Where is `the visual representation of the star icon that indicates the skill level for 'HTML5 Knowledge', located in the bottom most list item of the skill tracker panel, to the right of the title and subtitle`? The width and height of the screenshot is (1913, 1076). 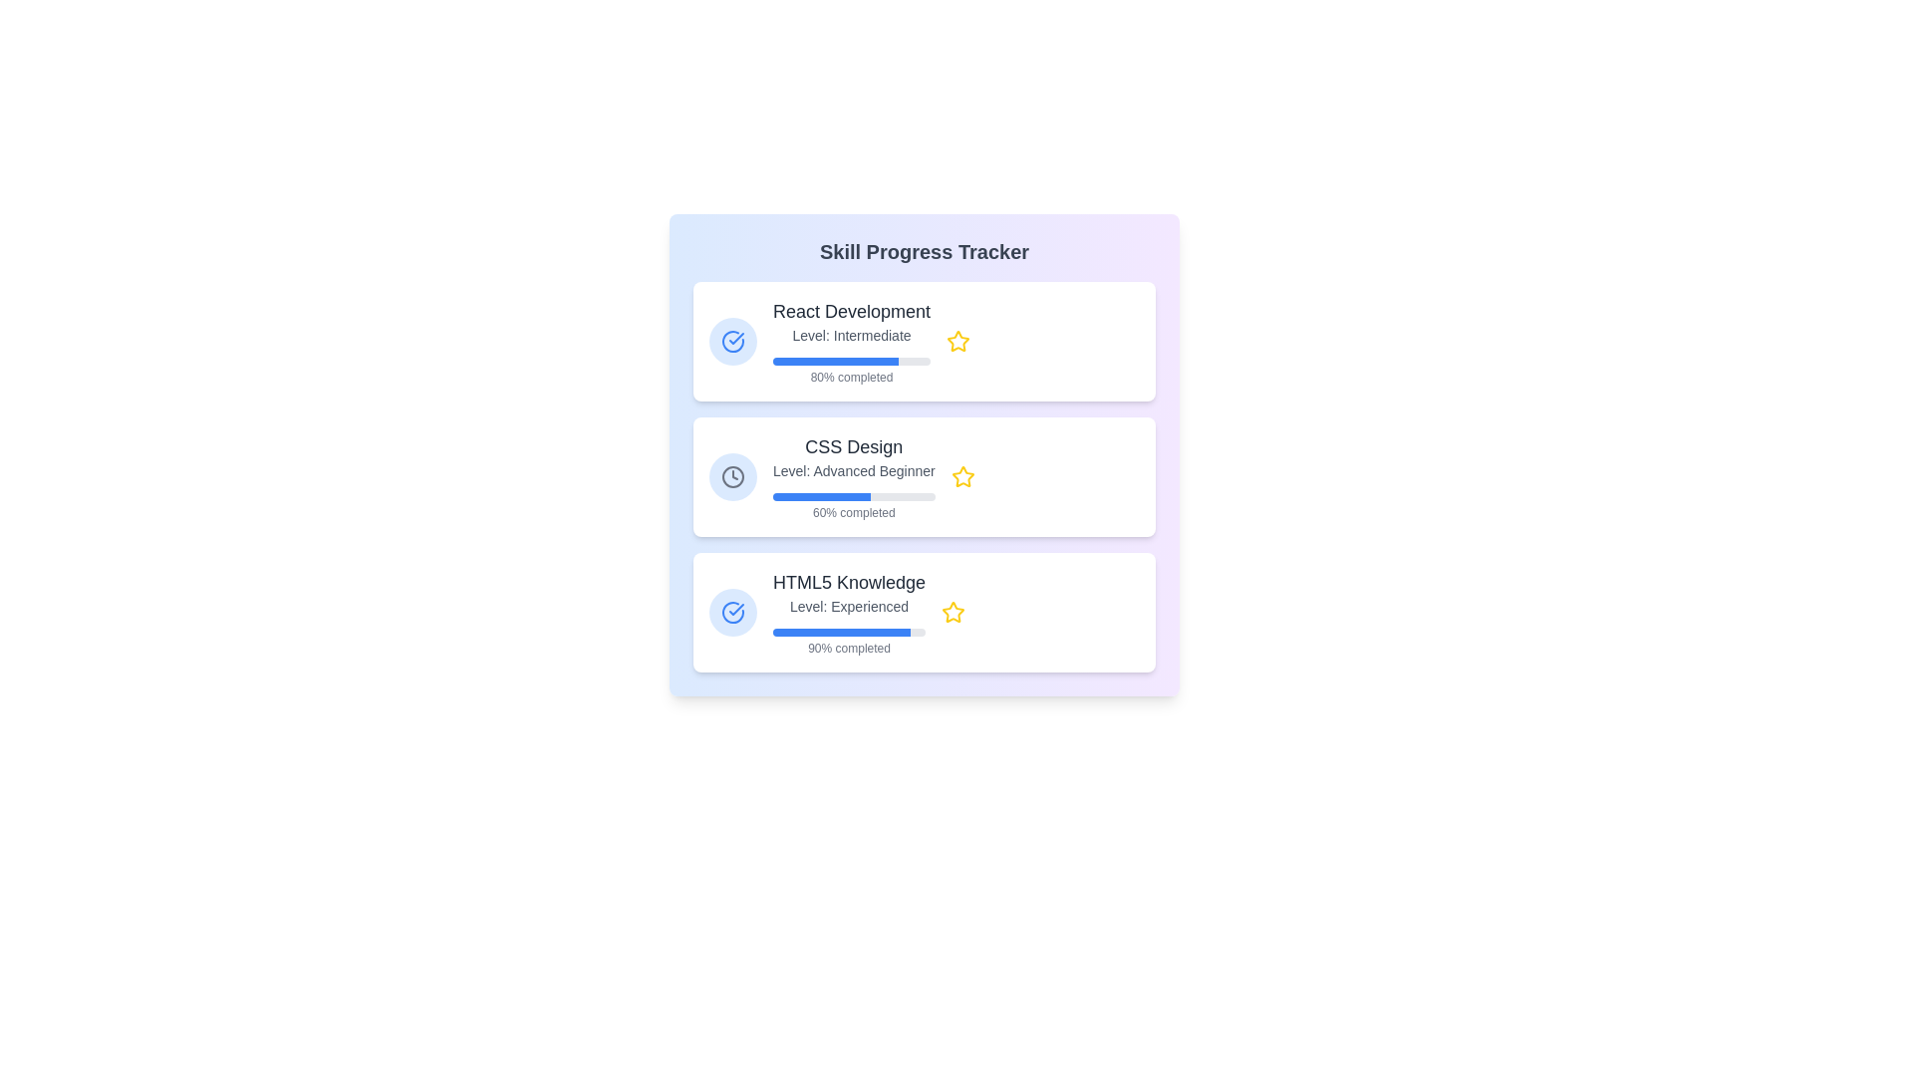 the visual representation of the star icon that indicates the skill level for 'HTML5 Knowledge', located in the bottom most list item of the skill tracker panel, to the right of the title and subtitle is located at coordinates (953, 611).